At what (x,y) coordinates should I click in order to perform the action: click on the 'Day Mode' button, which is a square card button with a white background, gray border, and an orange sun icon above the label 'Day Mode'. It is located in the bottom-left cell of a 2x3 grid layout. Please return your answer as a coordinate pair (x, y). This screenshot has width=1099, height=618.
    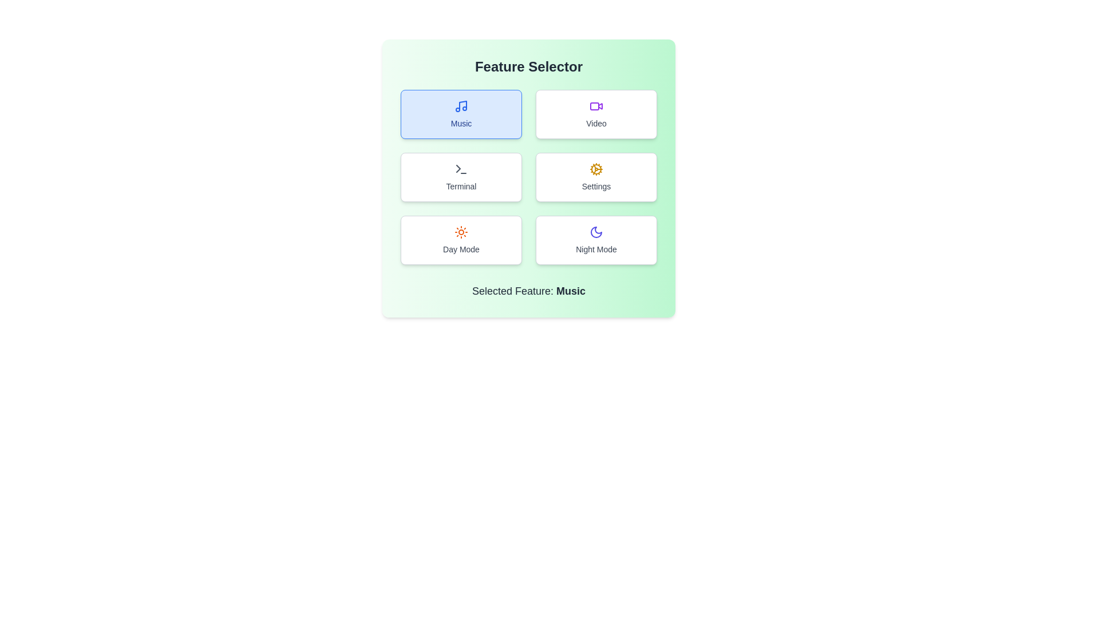
    Looking at the image, I should click on (461, 240).